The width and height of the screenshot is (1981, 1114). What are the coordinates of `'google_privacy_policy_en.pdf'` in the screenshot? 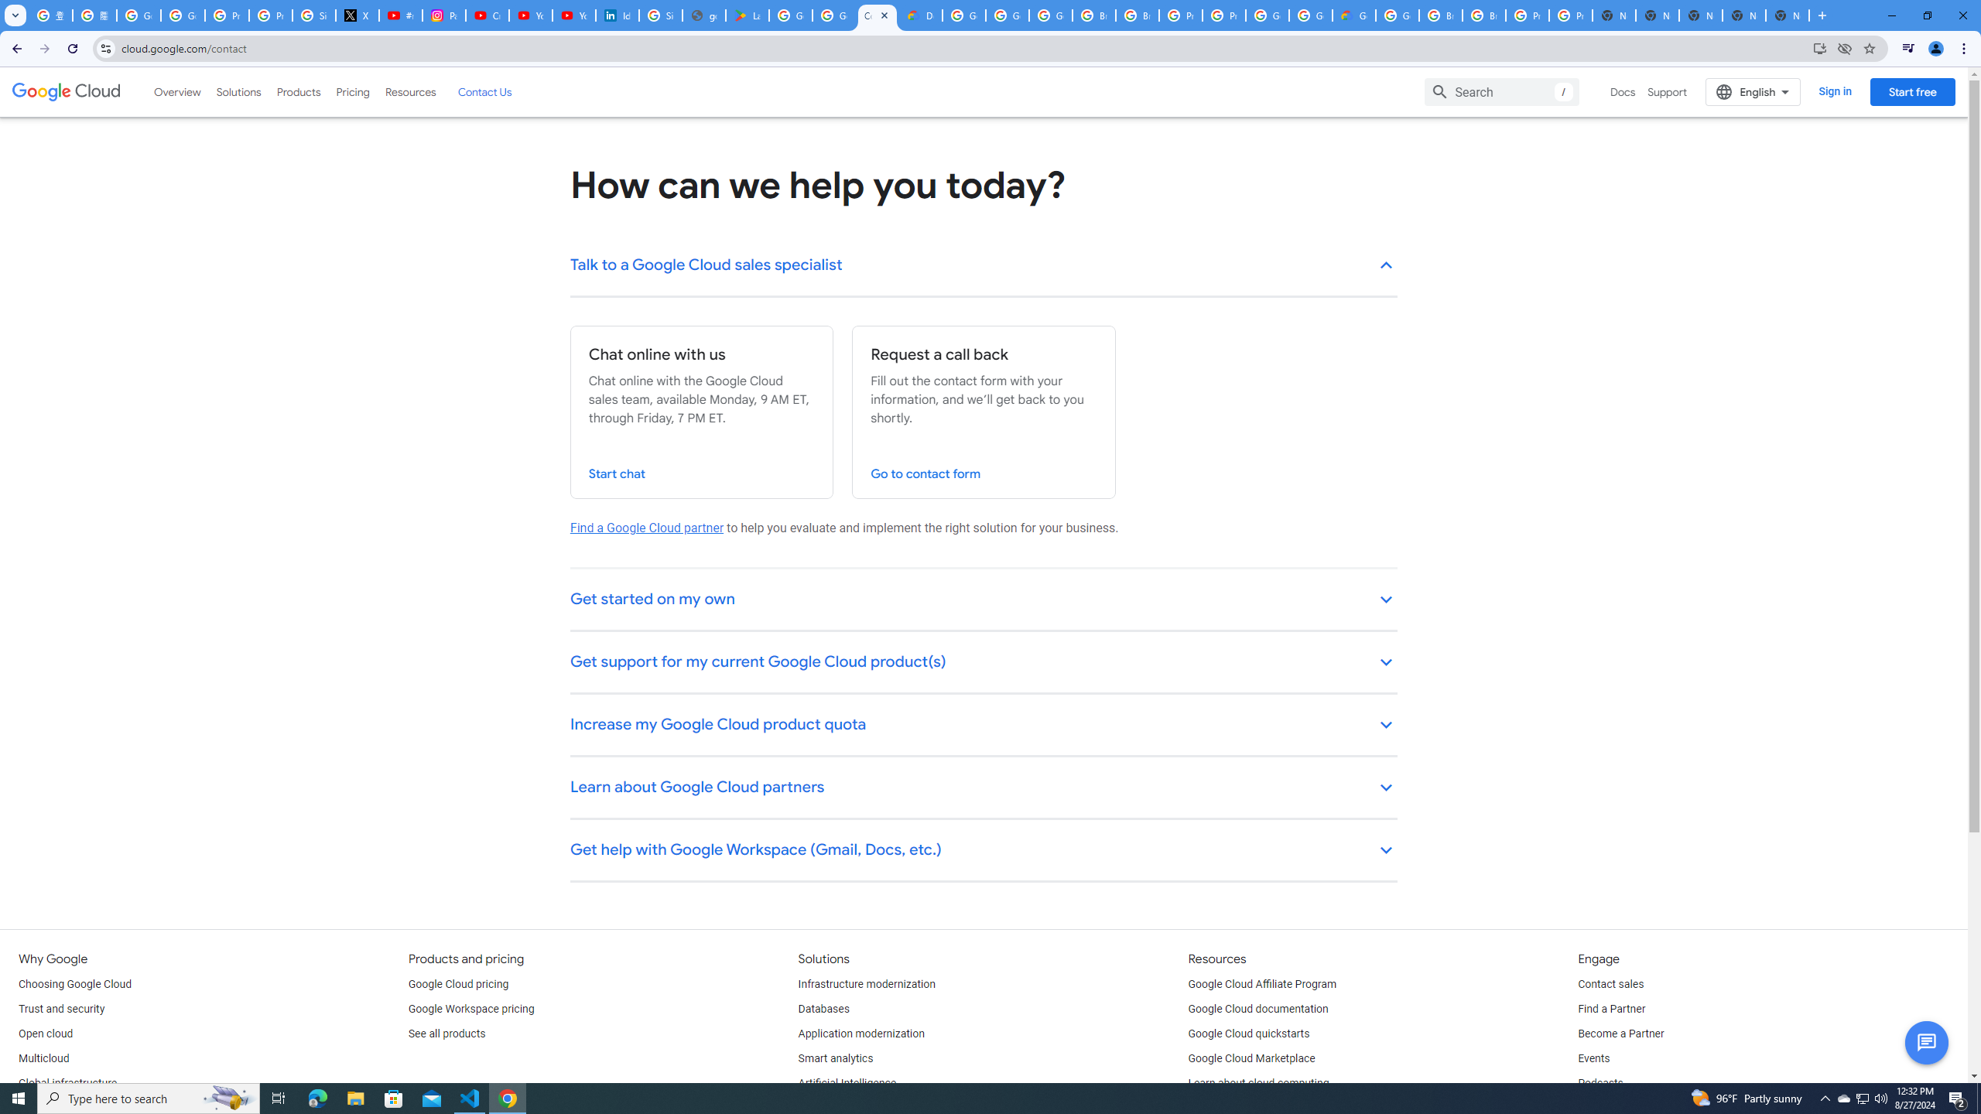 It's located at (703, 15).